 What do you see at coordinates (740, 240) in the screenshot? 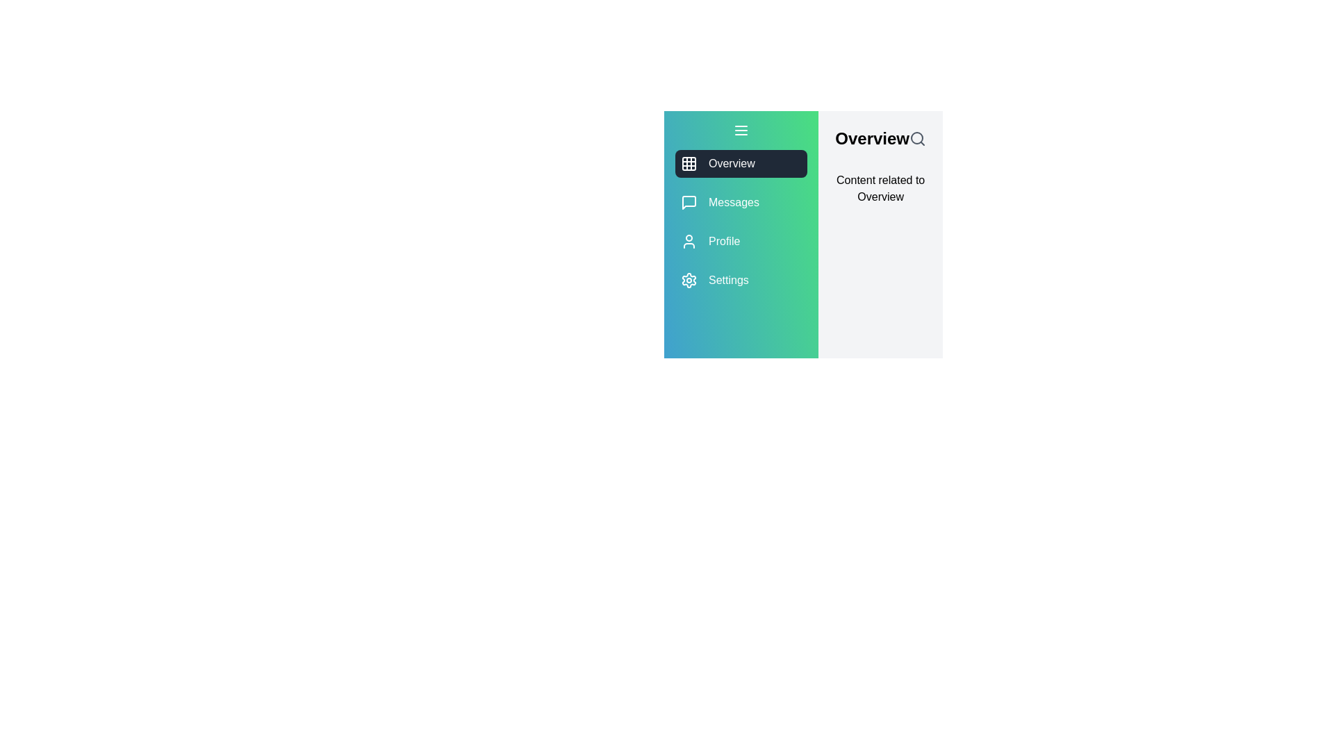
I see `the menu item Profile to view its hover effect` at bounding box center [740, 240].